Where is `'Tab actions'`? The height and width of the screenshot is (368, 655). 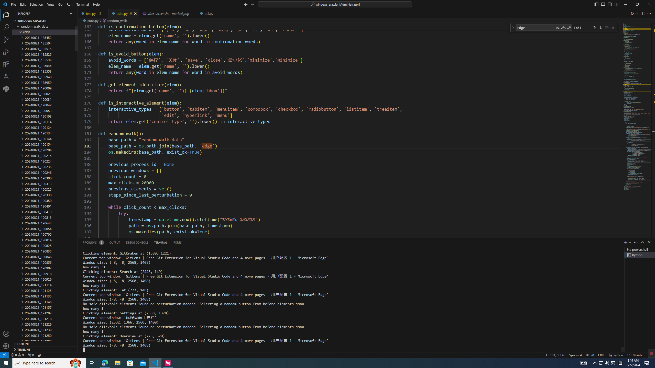 'Tab actions' is located at coordinates (223, 13).